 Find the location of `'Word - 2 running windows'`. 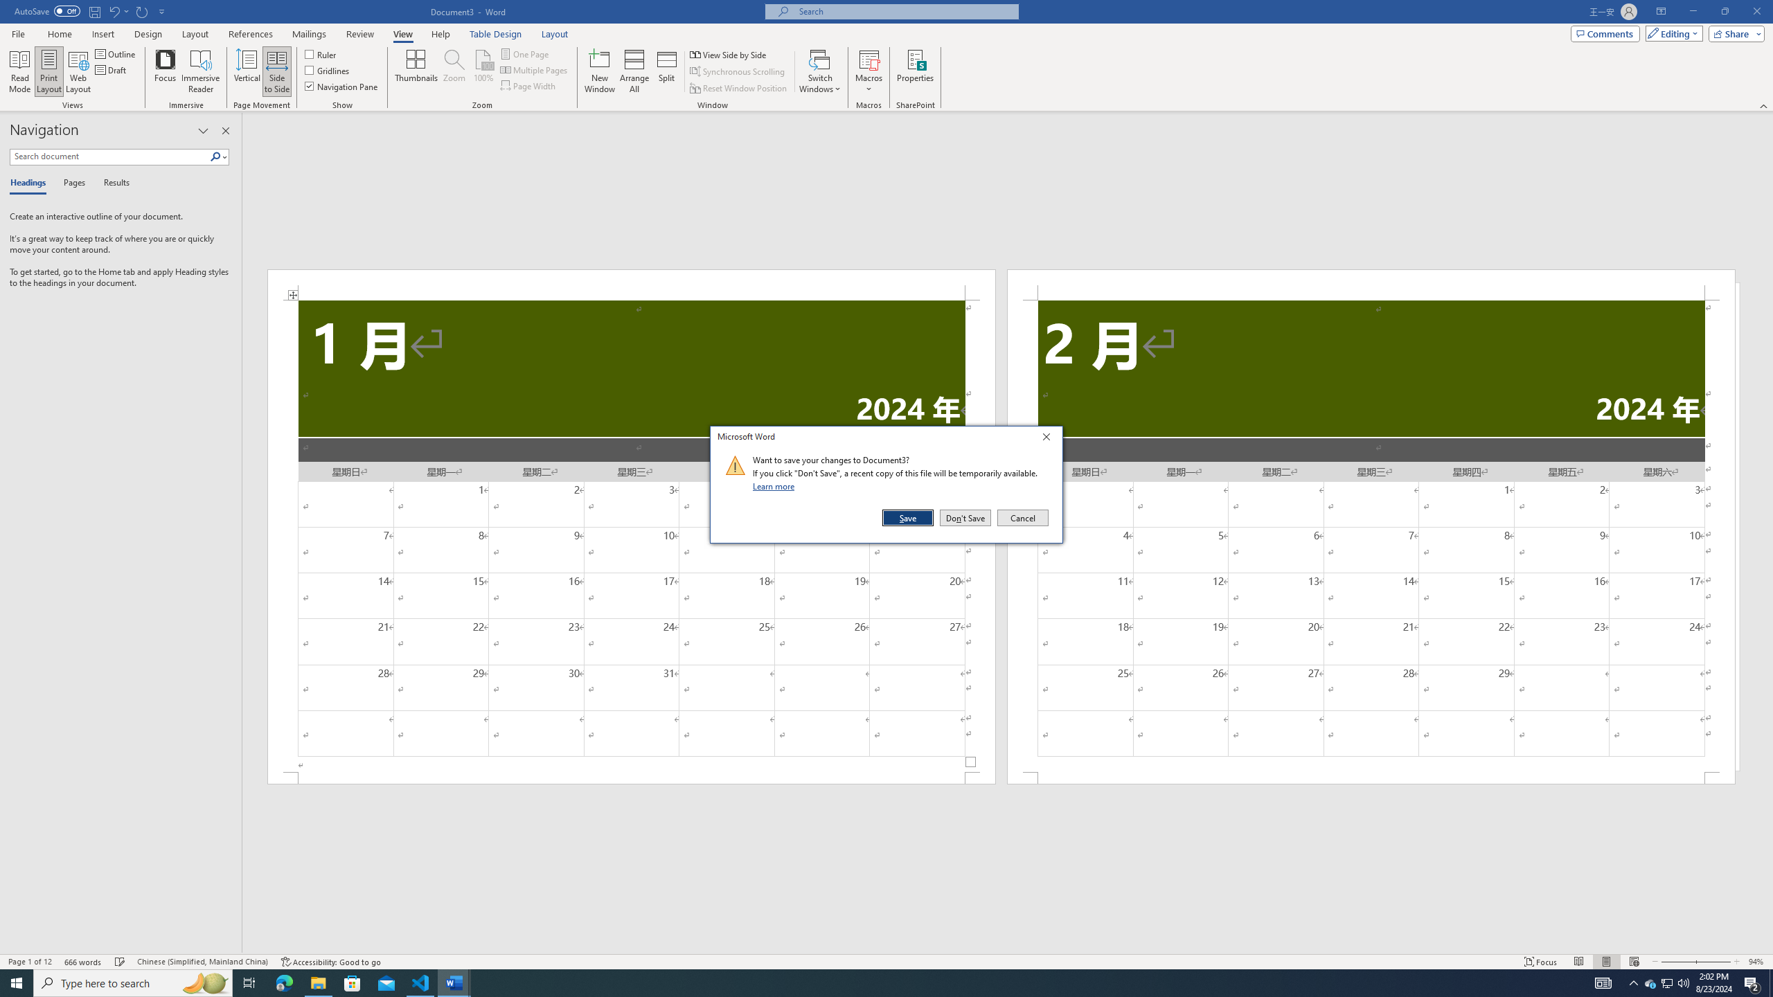

'Word - 2 running windows' is located at coordinates (454, 982).